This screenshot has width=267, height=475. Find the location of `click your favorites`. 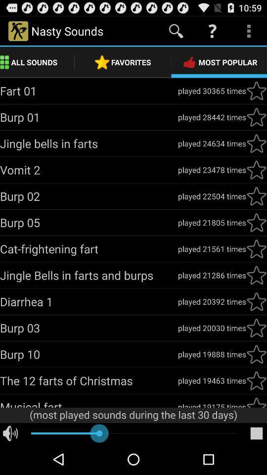

click your favorites is located at coordinates (256, 170).